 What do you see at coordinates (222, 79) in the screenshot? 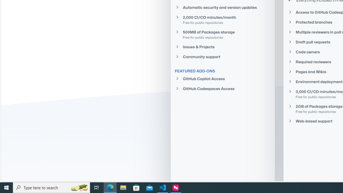
I see `'GitHub Copilot Access'` at bounding box center [222, 79].